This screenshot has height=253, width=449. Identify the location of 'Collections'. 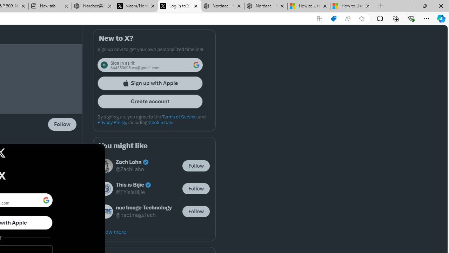
(396, 18).